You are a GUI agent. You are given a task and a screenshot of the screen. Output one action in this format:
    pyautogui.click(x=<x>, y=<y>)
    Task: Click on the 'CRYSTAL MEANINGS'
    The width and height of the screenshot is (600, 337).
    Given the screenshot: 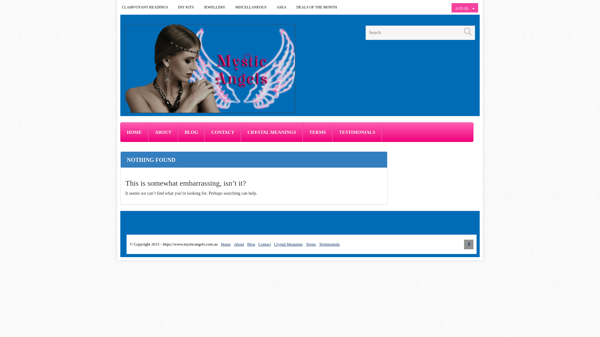 What is the action you would take?
    pyautogui.click(x=272, y=132)
    